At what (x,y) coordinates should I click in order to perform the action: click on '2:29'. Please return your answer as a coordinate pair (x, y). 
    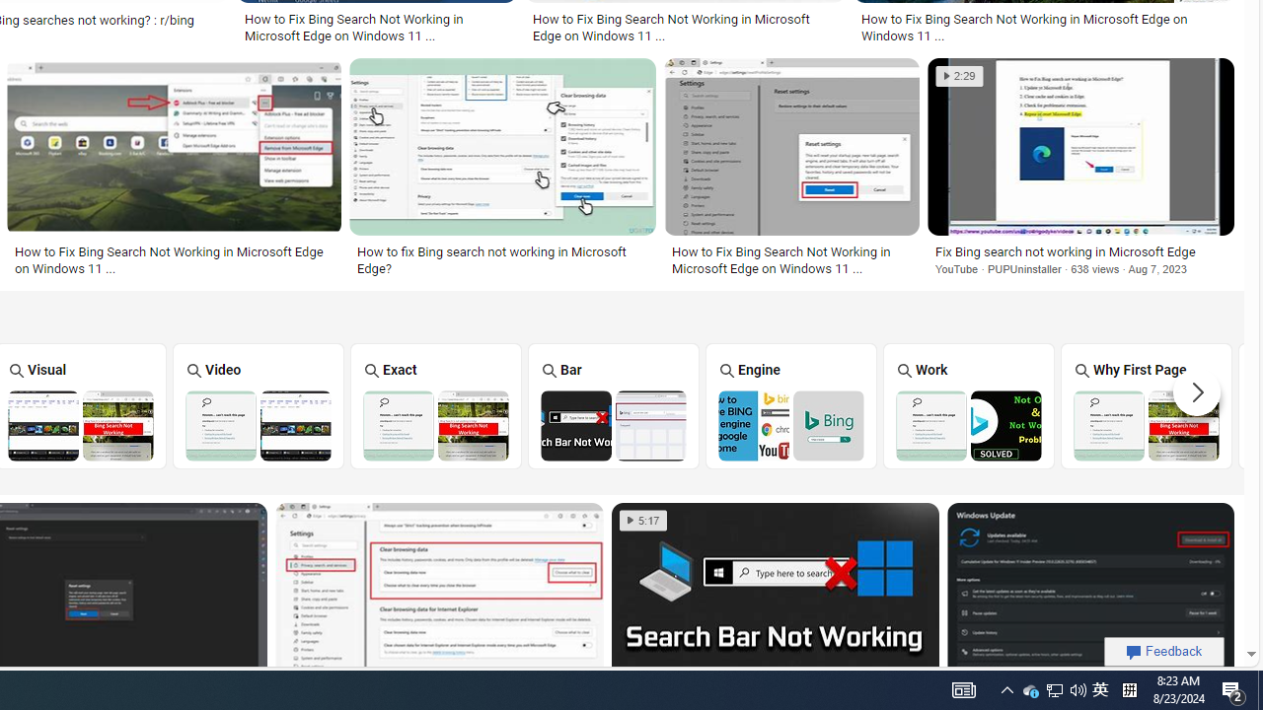
    Looking at the image, I should click on (959, 75).